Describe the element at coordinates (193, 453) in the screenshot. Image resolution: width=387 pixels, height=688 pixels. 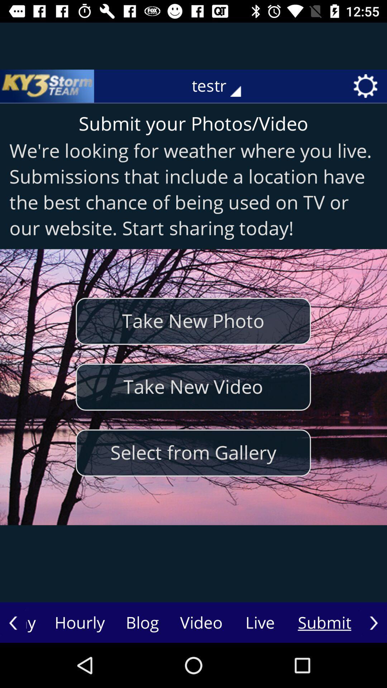
I see `the third button from the top of the page` at that location.